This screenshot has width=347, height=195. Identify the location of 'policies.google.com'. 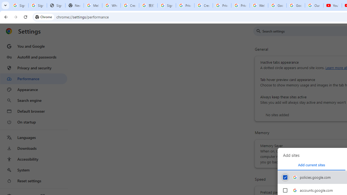
(285, 177).